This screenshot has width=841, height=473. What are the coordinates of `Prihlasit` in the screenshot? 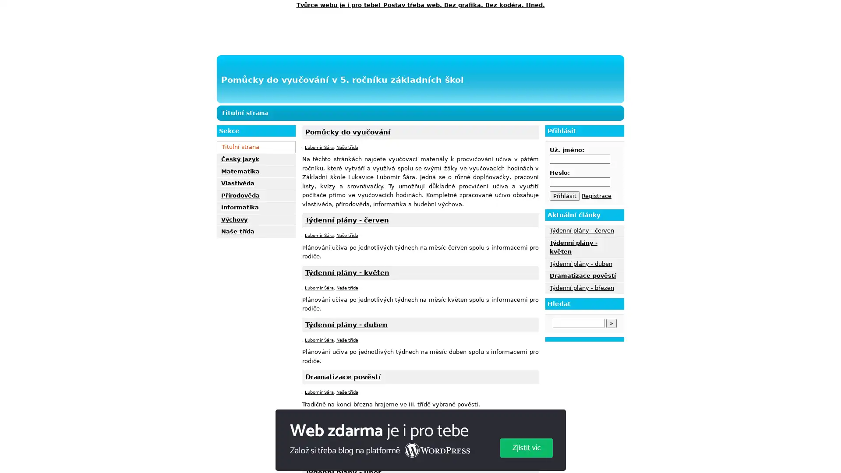 It's located at (565, 195).